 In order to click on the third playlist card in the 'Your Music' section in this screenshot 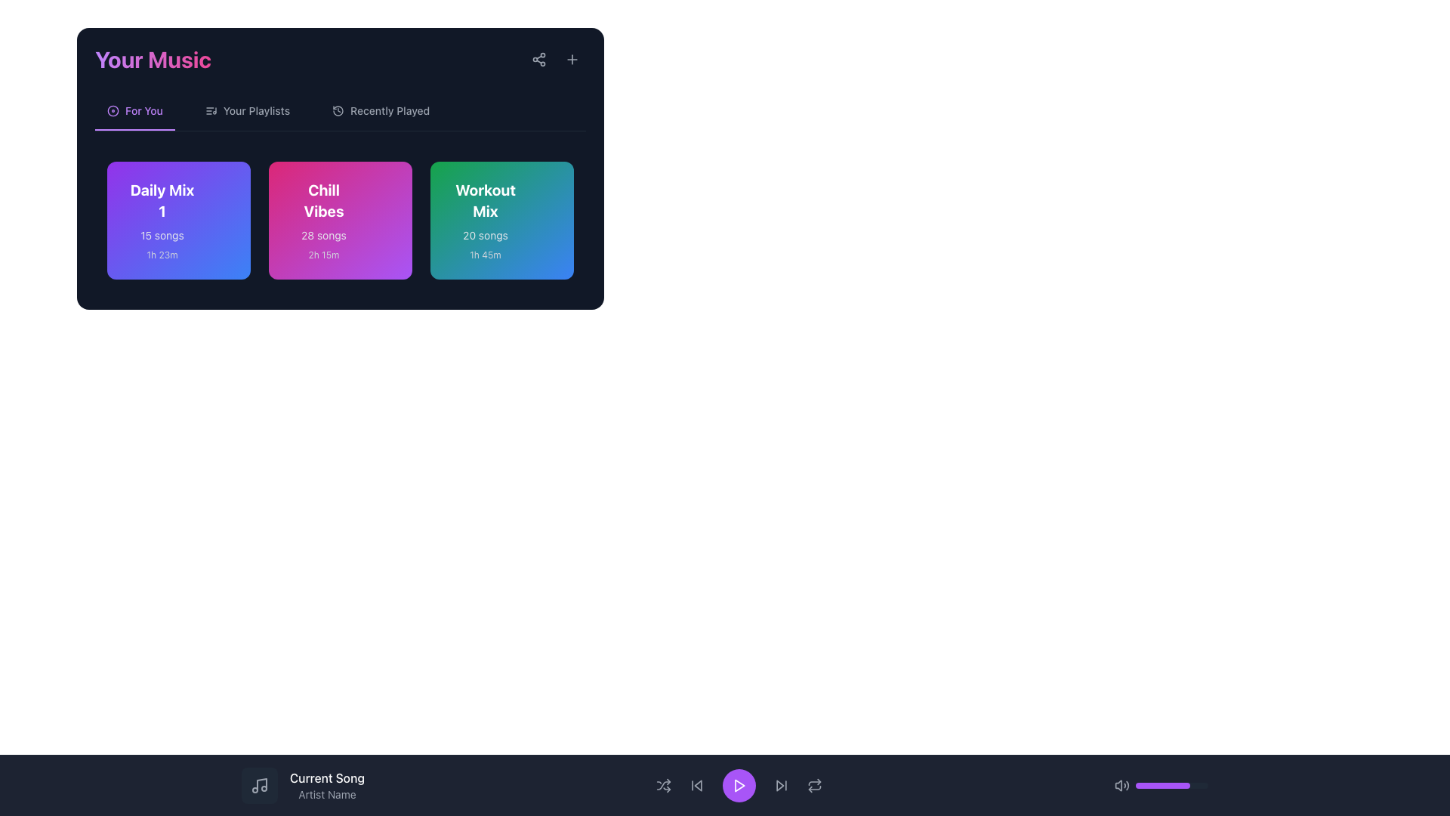, I will do `click(486, 221)`.